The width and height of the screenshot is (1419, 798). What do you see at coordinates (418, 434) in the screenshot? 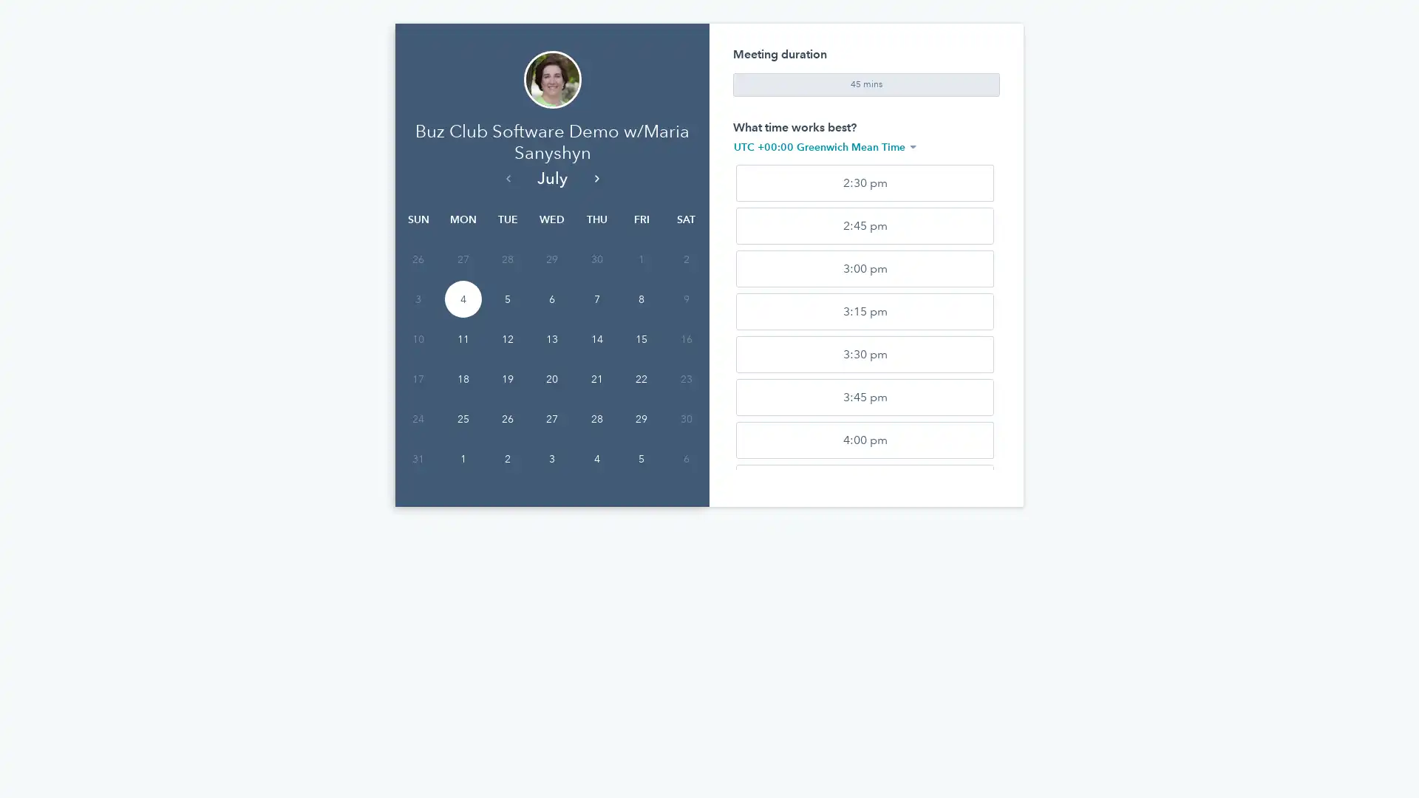
I see `July 17th` at bounding box center [418, 434].